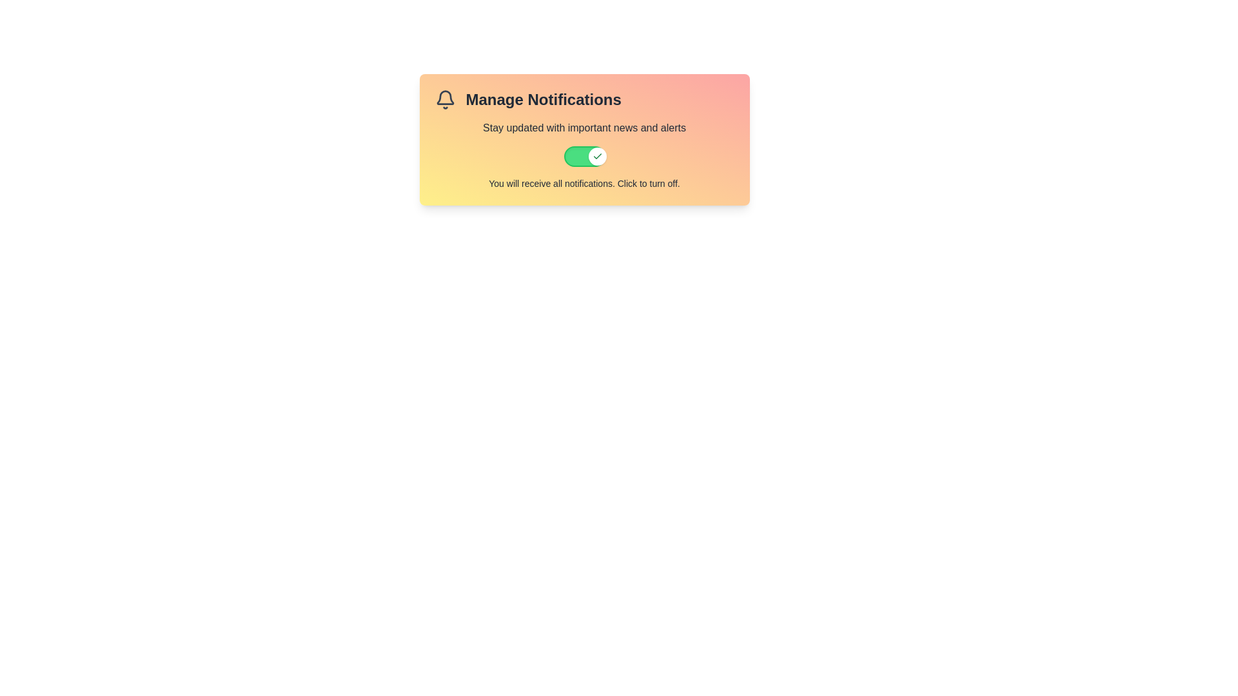 The height and width of the screenshot is (696, 1238). Describe the element at coordinates (584, 156) in the screenshot. I see `the toggle switch located in the 'Manage Notifications' card` at that location.